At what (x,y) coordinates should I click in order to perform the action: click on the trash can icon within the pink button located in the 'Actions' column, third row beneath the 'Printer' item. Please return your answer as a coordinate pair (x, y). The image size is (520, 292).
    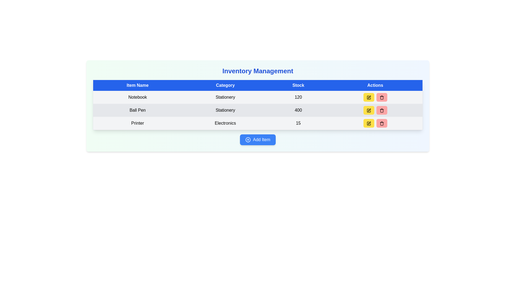
    Looking at the image, I should click on (381, 97).